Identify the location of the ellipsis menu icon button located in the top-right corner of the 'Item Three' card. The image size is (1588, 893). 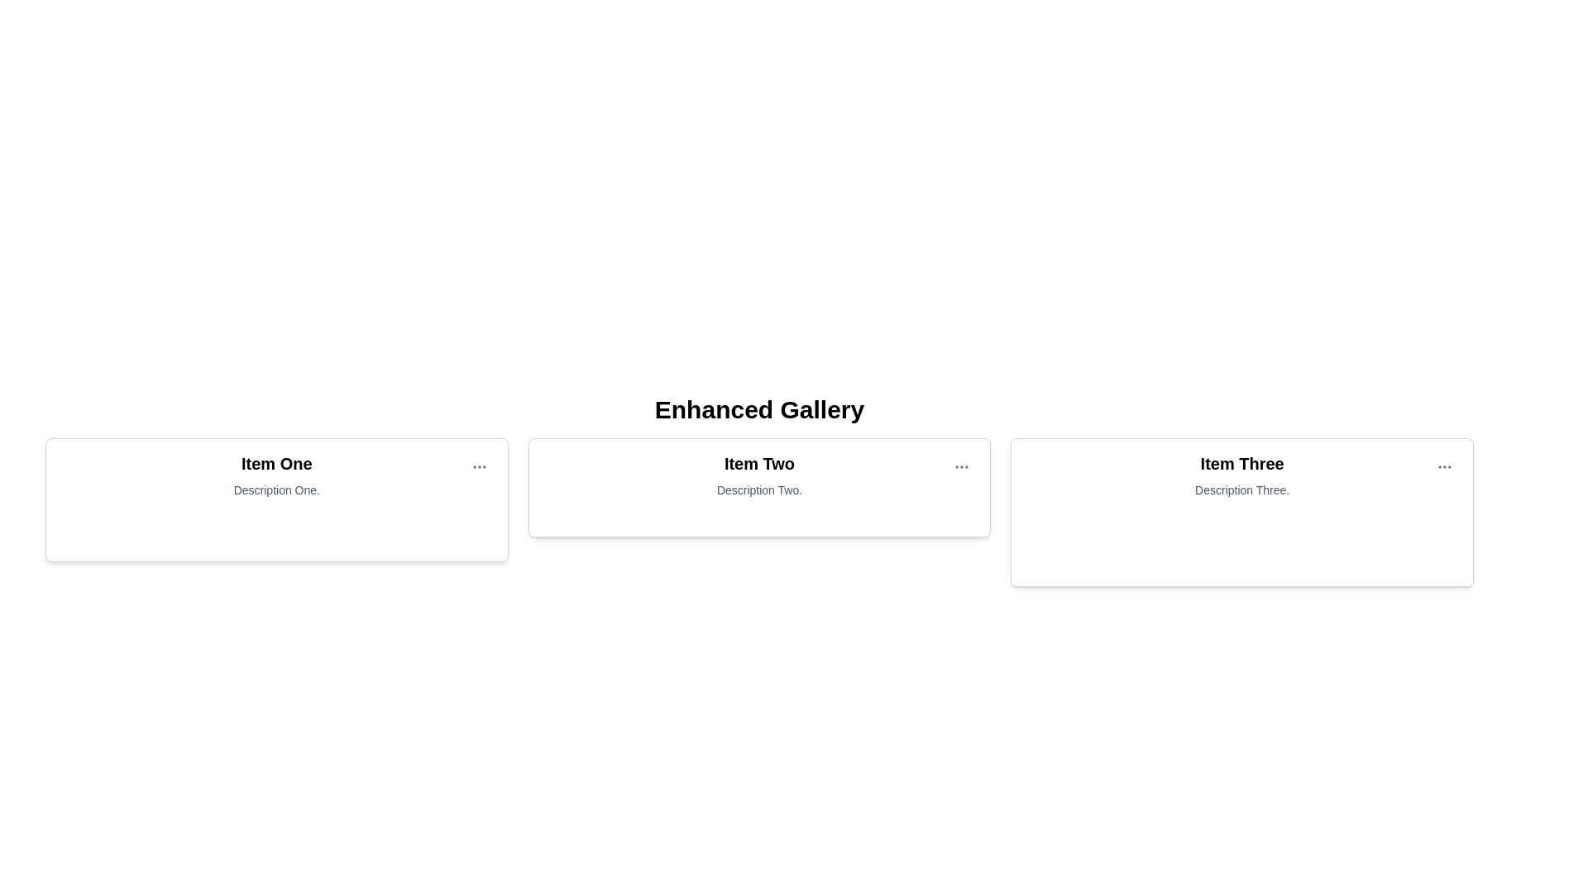
(1444, 466).